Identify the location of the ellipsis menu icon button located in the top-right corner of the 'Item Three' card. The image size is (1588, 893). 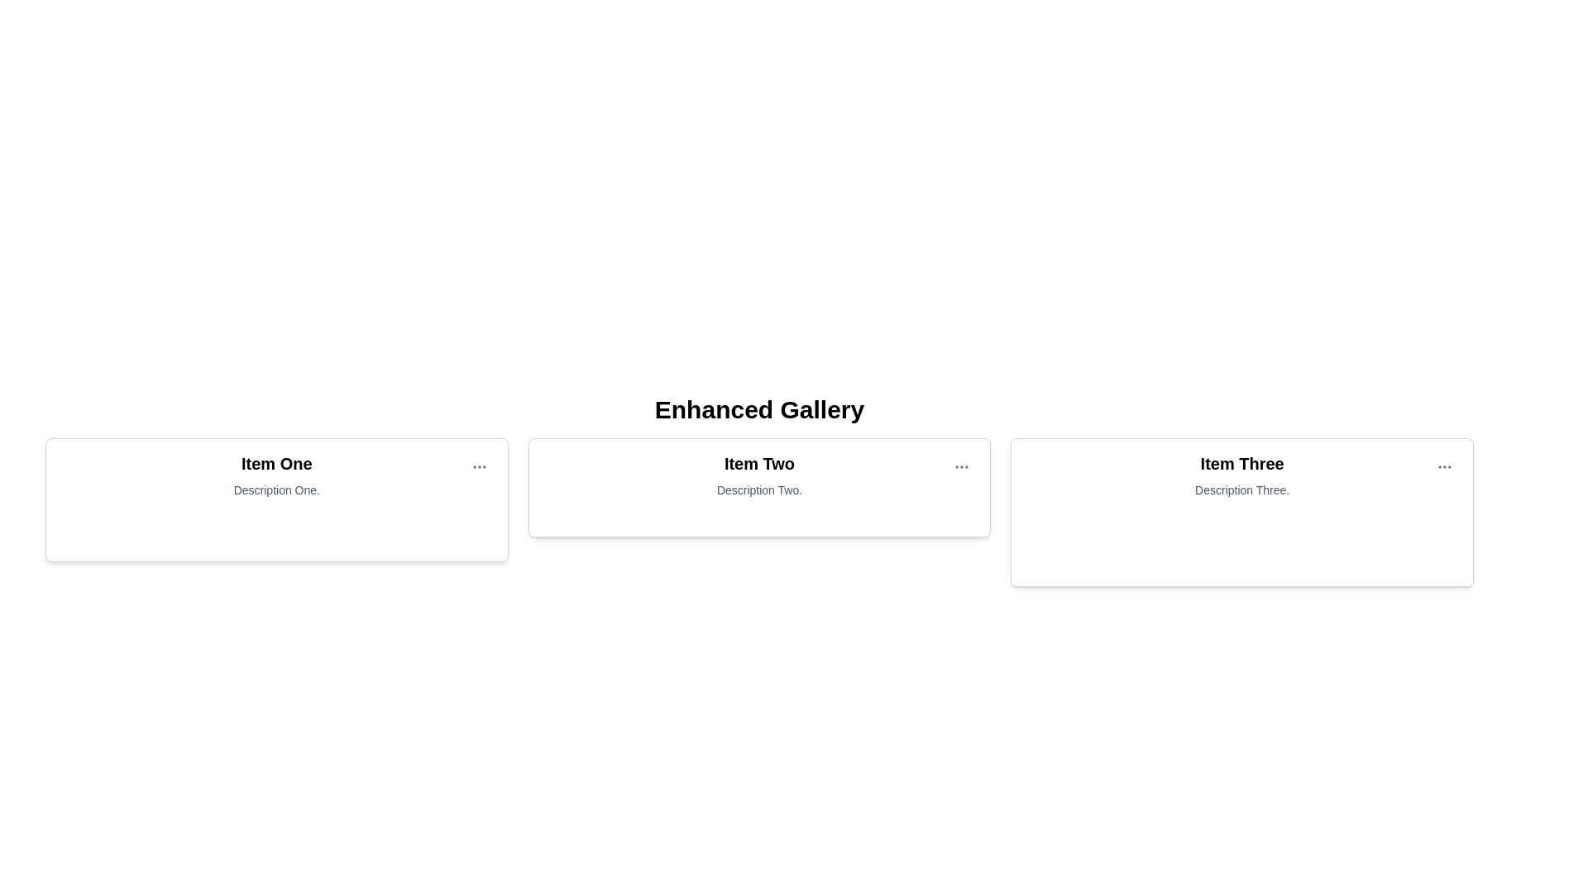
(1444, 466).